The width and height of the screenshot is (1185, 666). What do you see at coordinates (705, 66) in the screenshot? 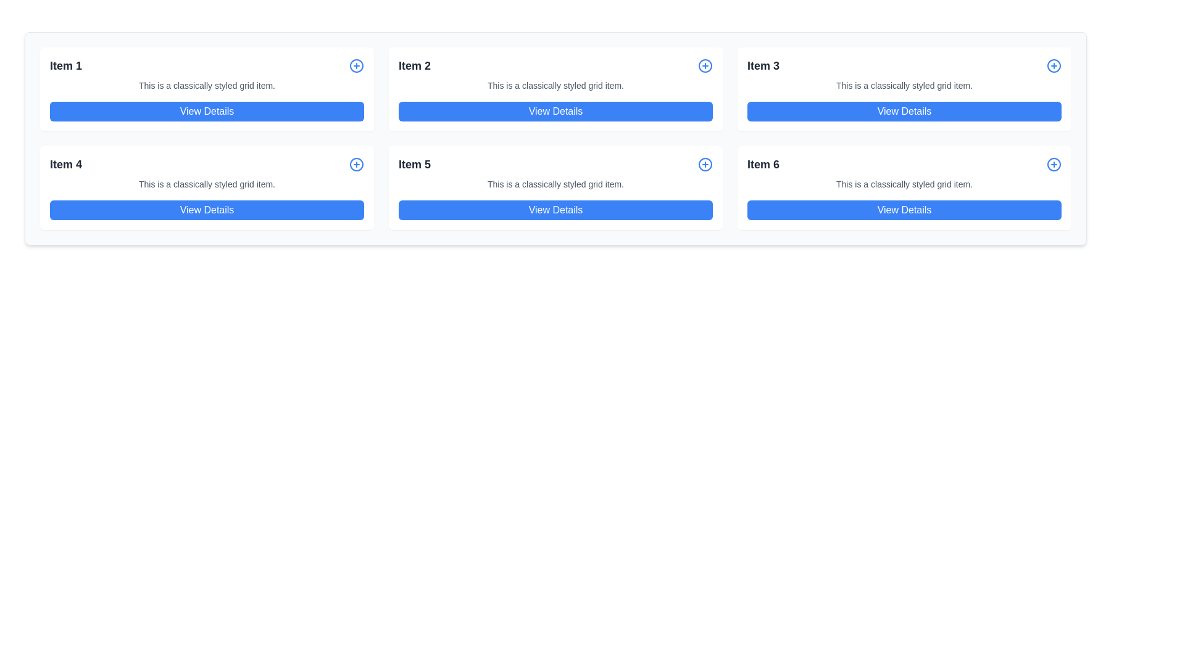
I see `the toggle button with a '+' symbol located in the top-right corner of the 'Item 2' block` at bounding box center [705, 66].